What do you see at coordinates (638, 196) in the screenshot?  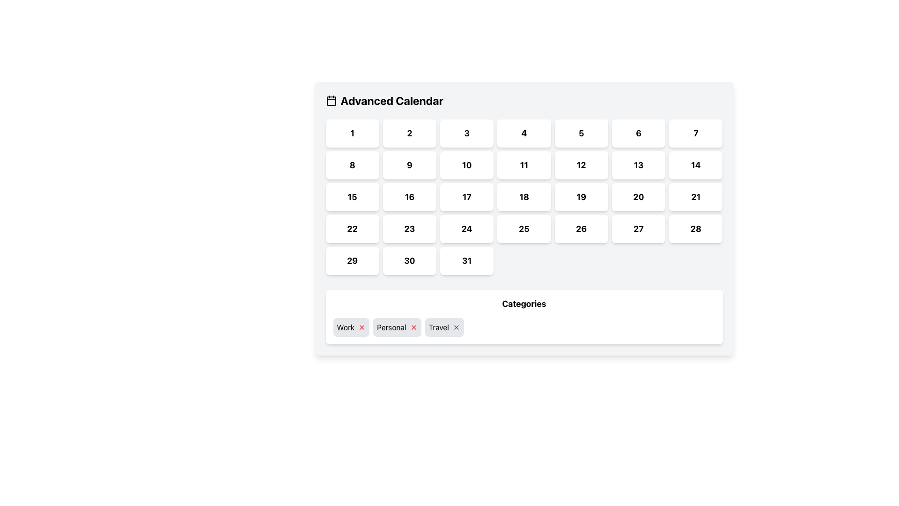 I see `the interactive button representing the date '20' in the calendar interface` at bounding box center [638, 196].